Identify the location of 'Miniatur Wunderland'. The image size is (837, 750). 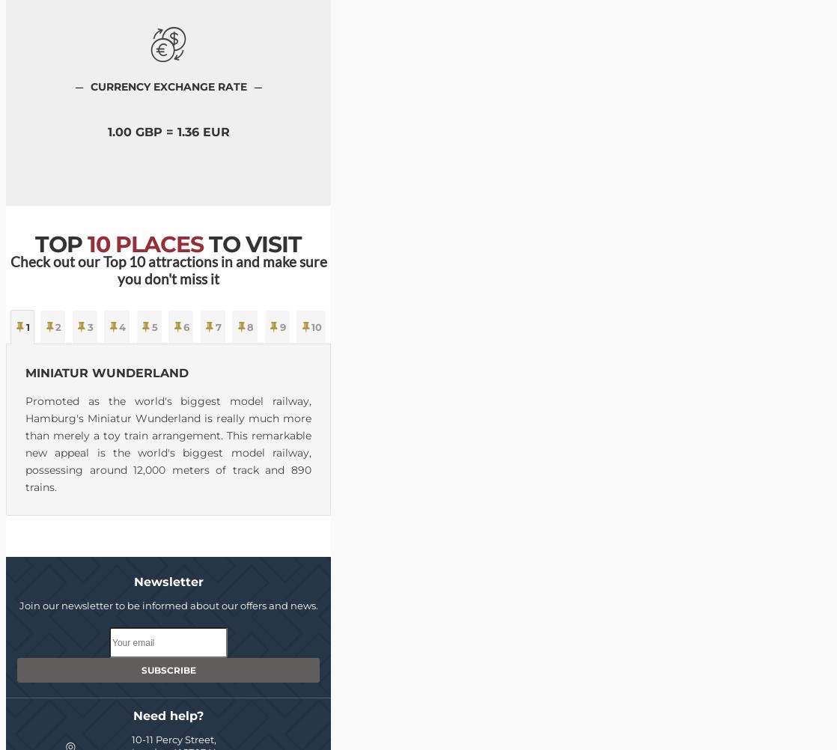
(106, 372).